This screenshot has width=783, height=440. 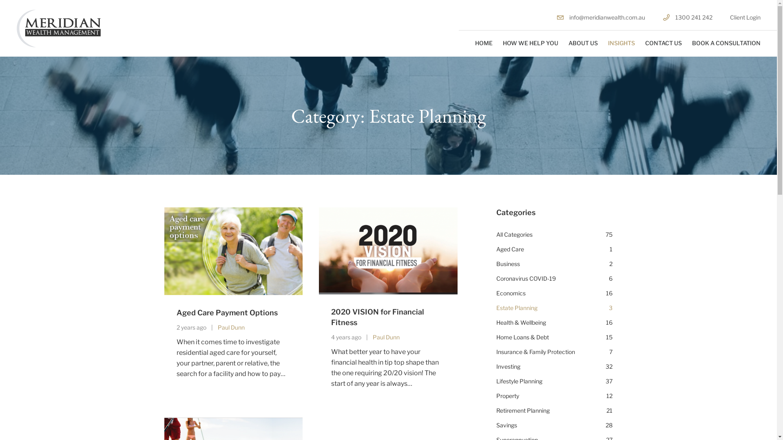 I want to click on 'Economics, so click(x=554, y=293).